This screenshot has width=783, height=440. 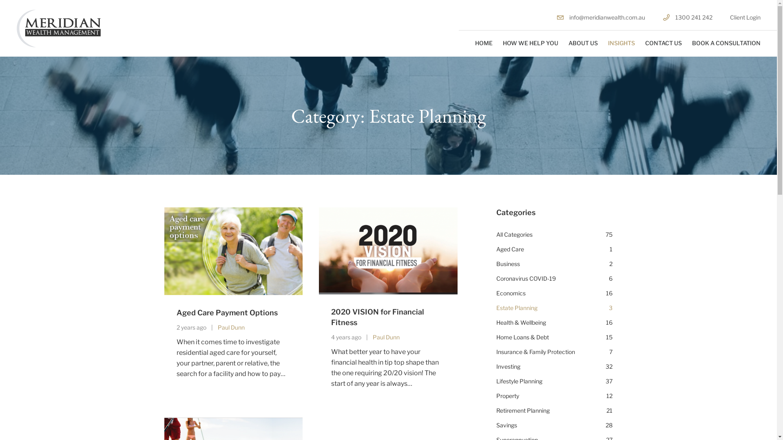 I want to click on 'Economics, so click(x=554, y=293).